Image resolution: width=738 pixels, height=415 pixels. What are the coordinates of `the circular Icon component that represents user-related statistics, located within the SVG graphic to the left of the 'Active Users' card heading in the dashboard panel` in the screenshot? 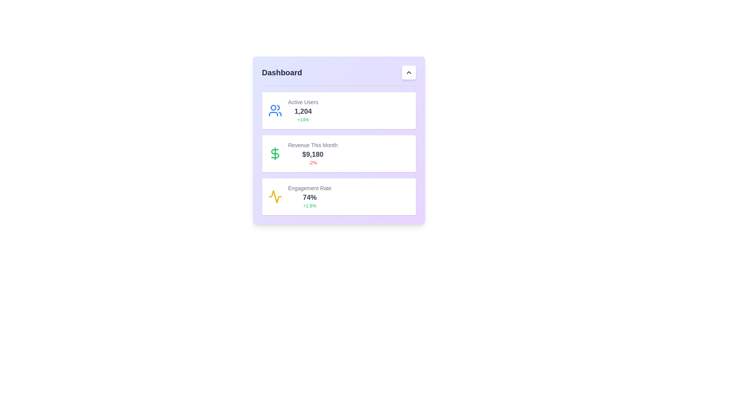 It's located at (273, 108).